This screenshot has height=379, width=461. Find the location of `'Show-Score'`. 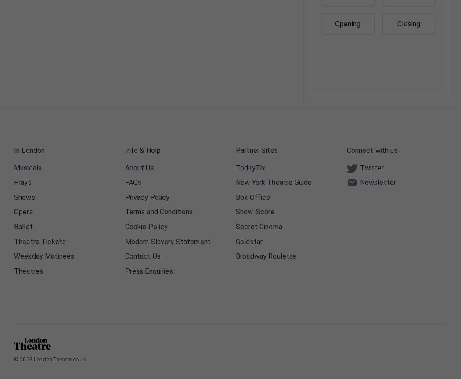

'Show-Score' is located at coordinates (235, 211).